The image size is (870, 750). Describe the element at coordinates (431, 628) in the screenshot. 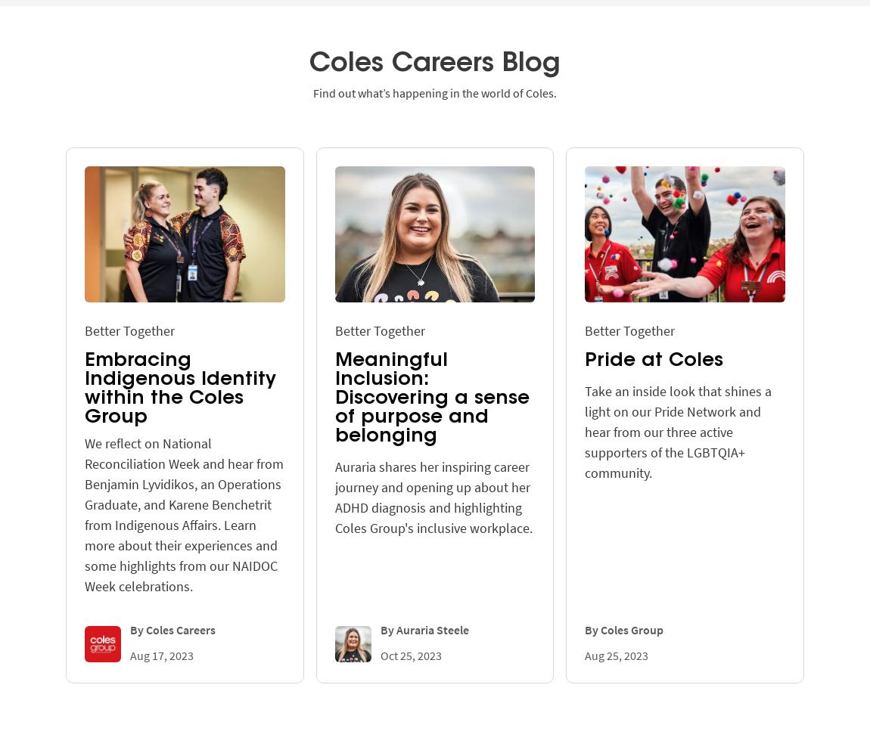

I see `'Auraria Steele'` at that location.